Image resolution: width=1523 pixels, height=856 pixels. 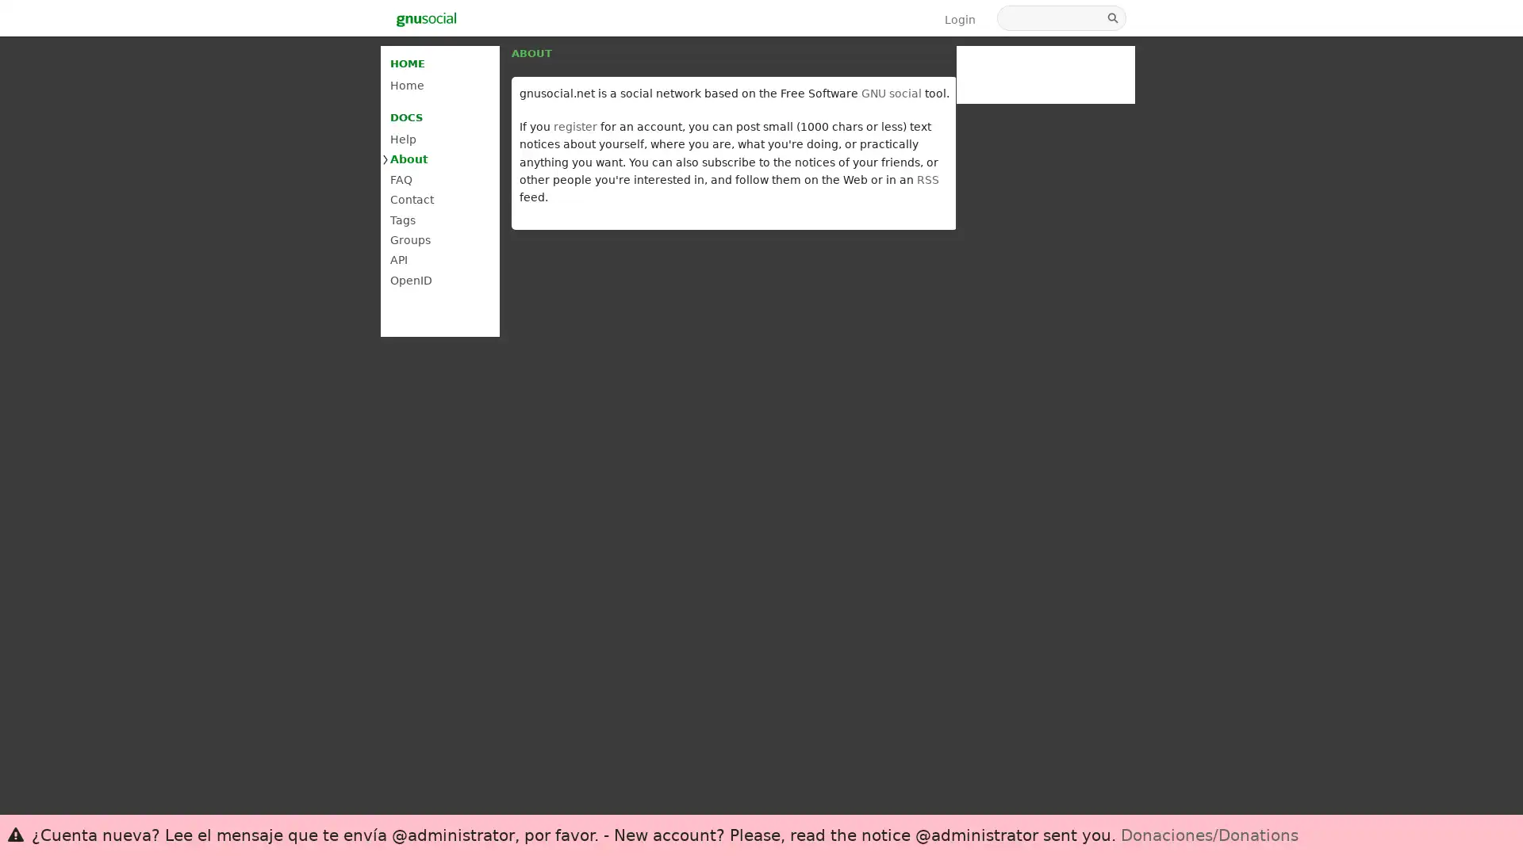 I want to click on Search, so click(x=1114, y=18).